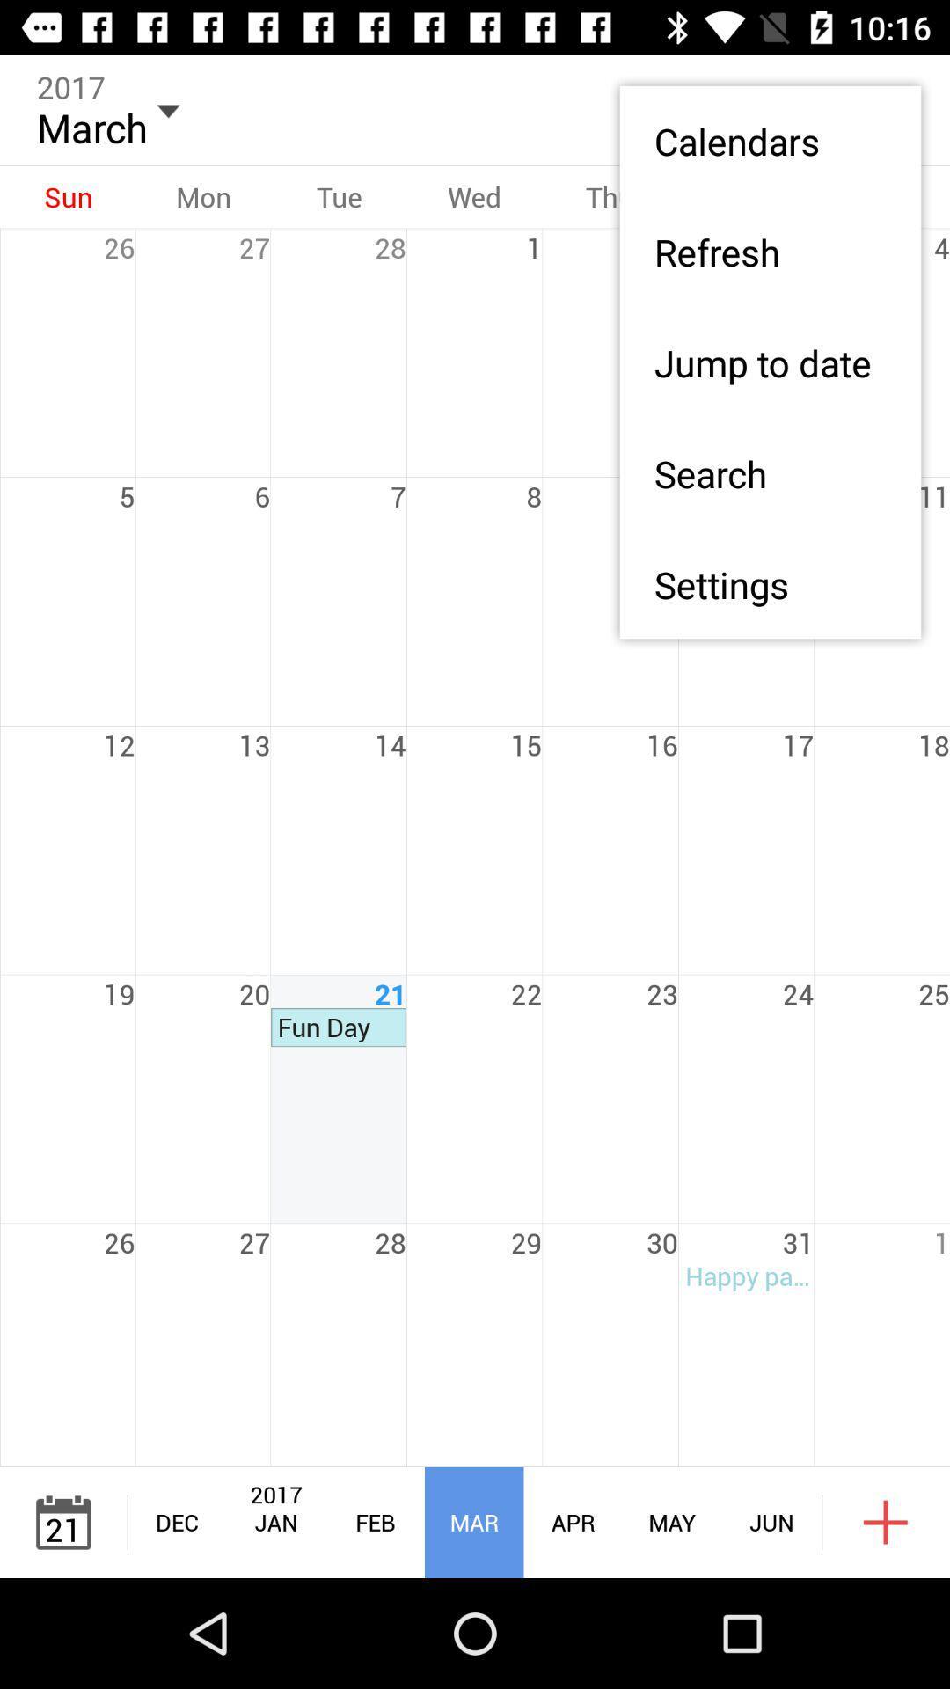 The height and width of the screenshot is (1689, 950). Describe the element at coordinates (769, 251) in the screenshot. I see `the refresh item` at that location.